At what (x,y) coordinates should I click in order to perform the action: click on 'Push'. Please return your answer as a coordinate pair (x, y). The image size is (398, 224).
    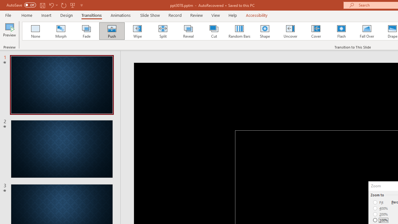
    Looking at the image, I should click on (112, 31).